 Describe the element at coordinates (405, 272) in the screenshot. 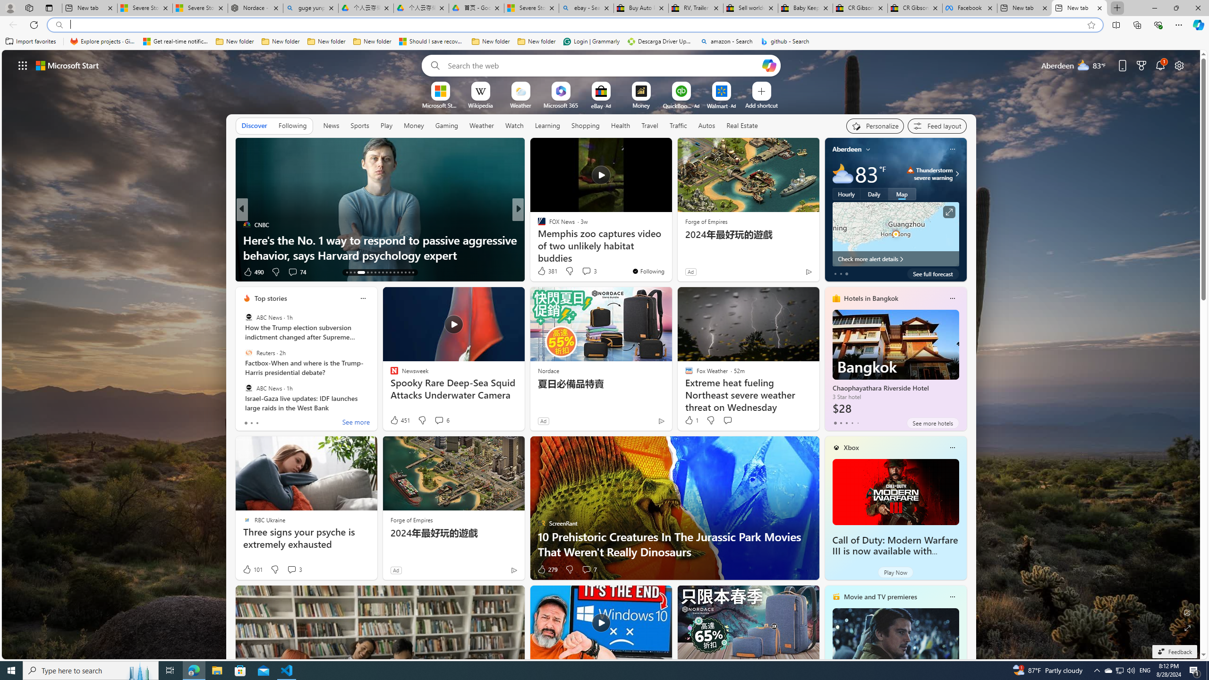

I see `'AutomationID: tab-27'` at that location.